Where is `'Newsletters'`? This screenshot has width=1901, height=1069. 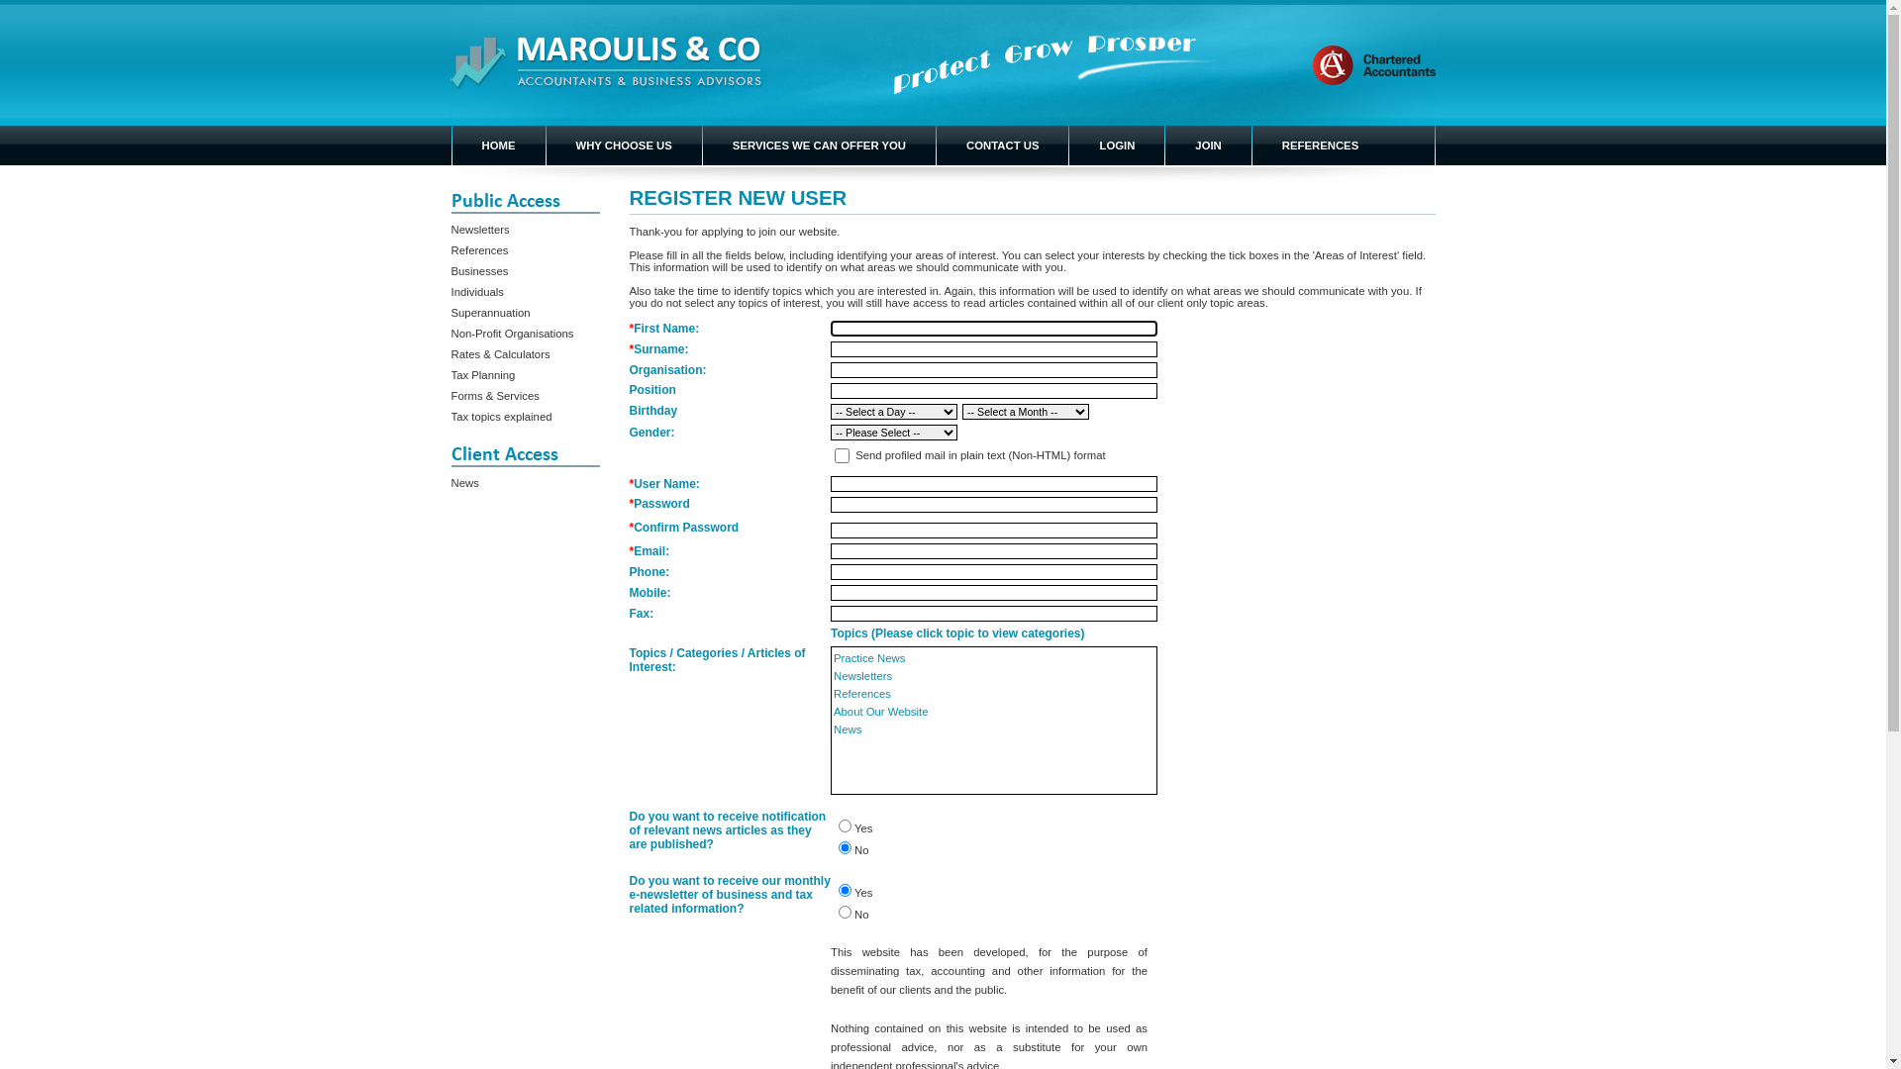 'Newsletters' is located at coordinates (480, 228).